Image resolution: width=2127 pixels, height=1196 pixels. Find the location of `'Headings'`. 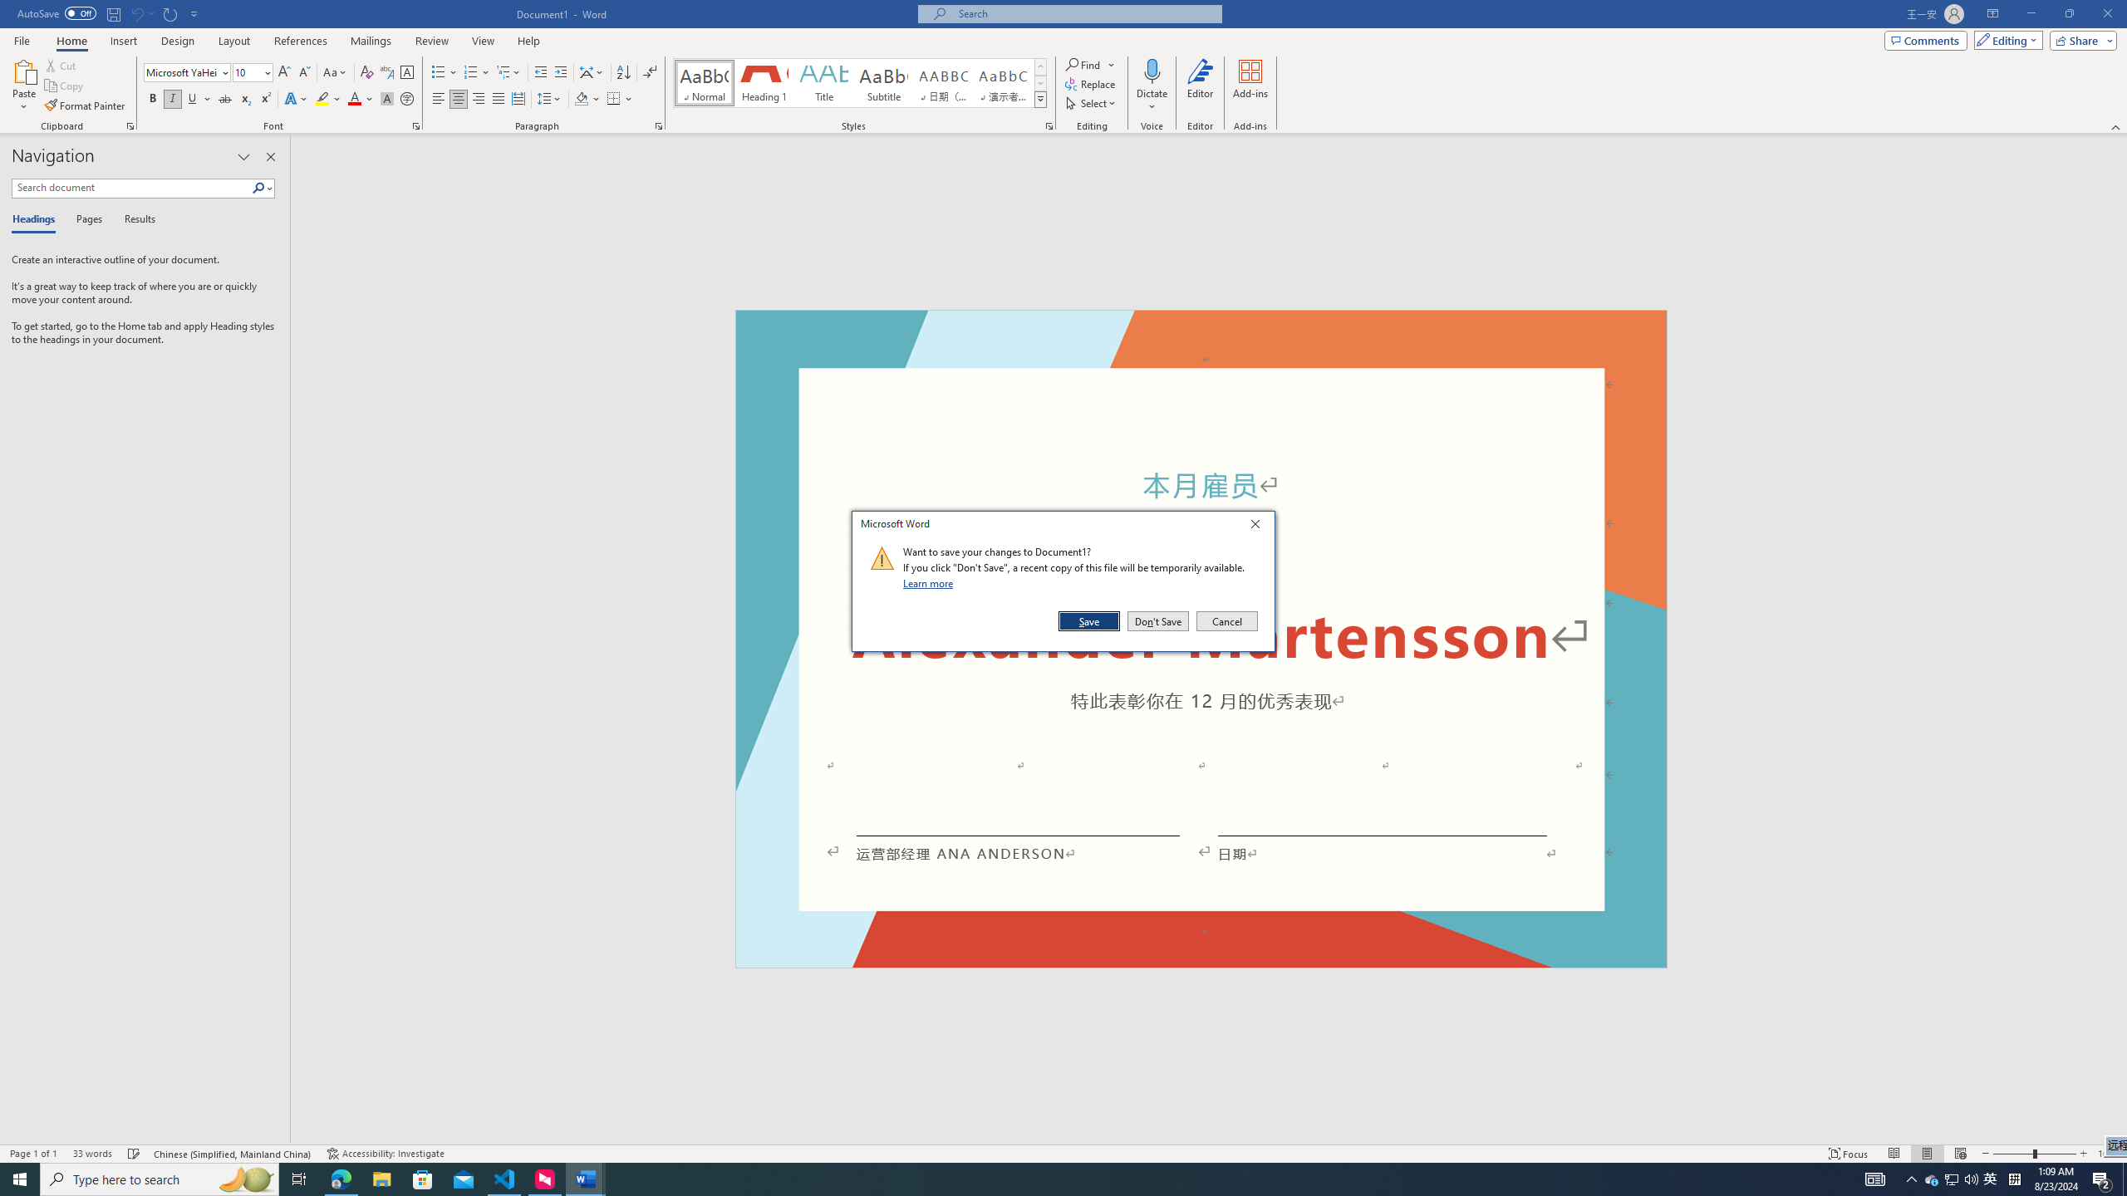

'Headings' is located at coordinates (37, 219).